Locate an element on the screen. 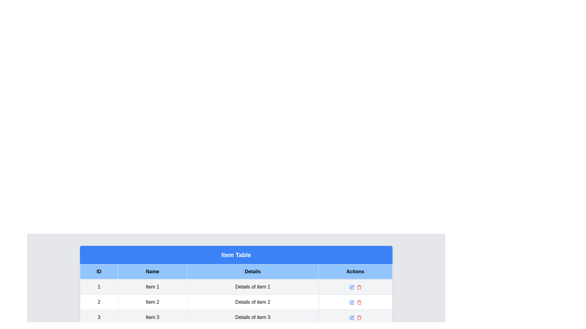  the table header column ID to sort or select it is located at coordinates (99, 271).